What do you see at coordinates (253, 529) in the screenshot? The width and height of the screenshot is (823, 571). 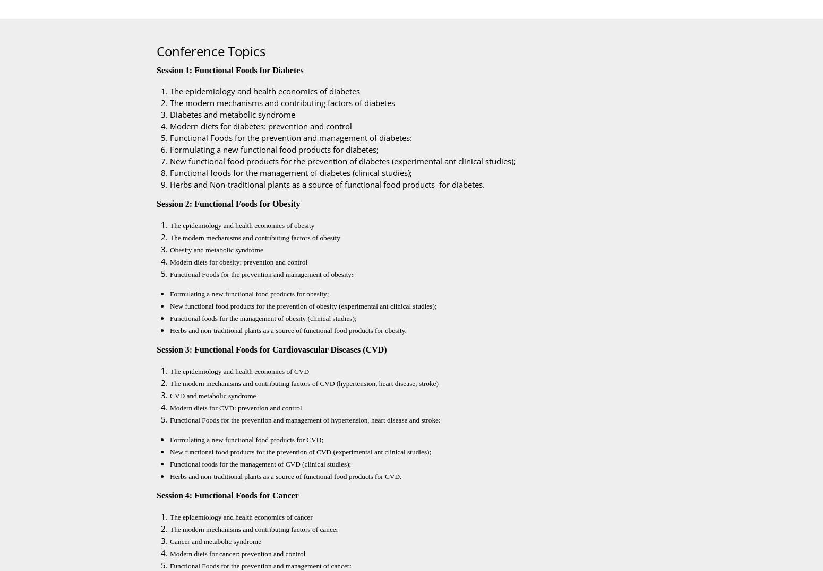 I see `'The modern mechanisms and contributing factors of cancer'` at bounding box center [253, 529].